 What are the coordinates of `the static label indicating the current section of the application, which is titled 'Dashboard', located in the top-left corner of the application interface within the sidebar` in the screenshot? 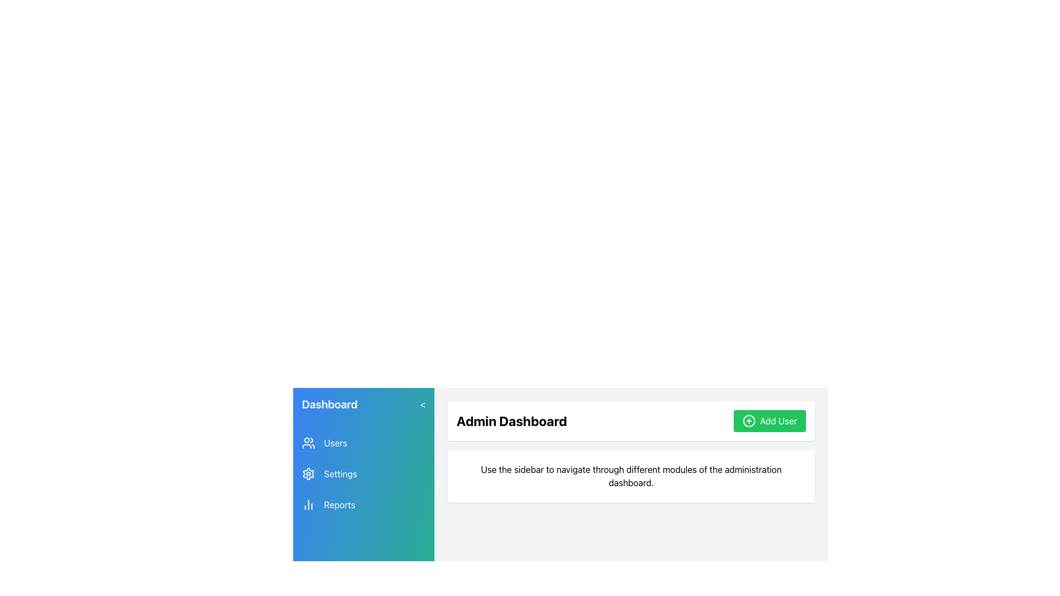 It's located at (329, 404).